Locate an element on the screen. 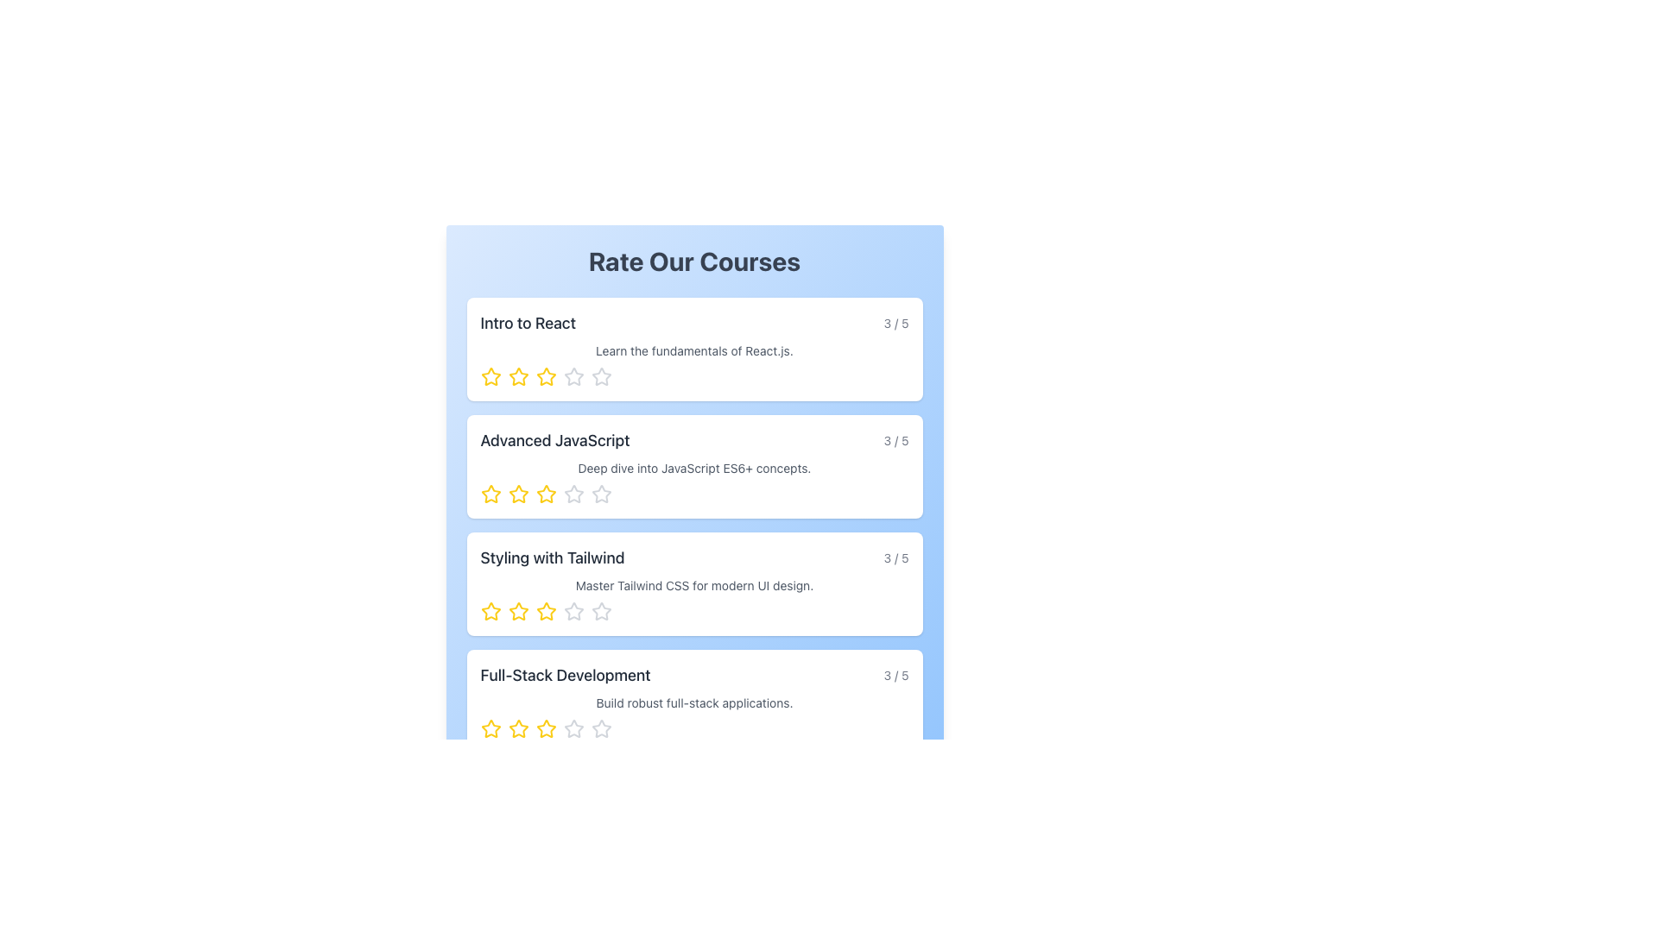 Image resolution: width=1658 pixels, height=932 pixels. the course title text located in the third row of the course list, positioned left of '3 / 5' under 'Rate Our Courses' is located at coordinates (551, 558).